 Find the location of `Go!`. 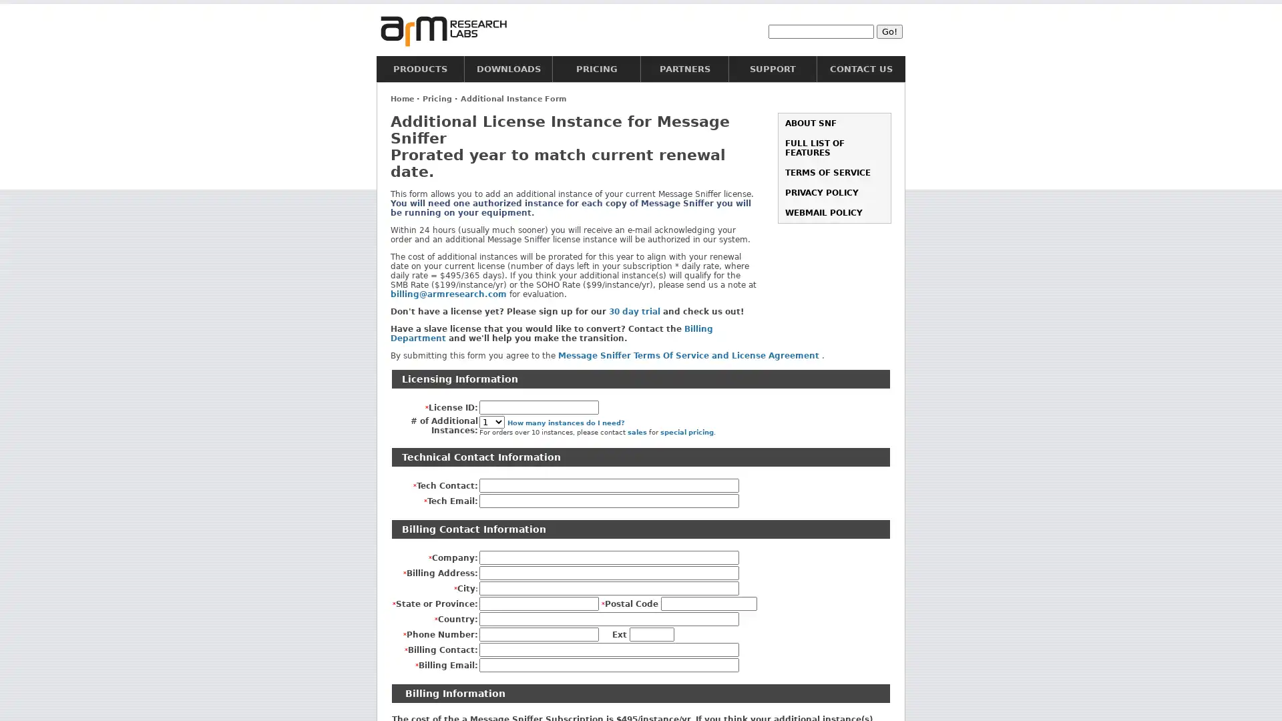

Go! is located at coordinates (889, 30).